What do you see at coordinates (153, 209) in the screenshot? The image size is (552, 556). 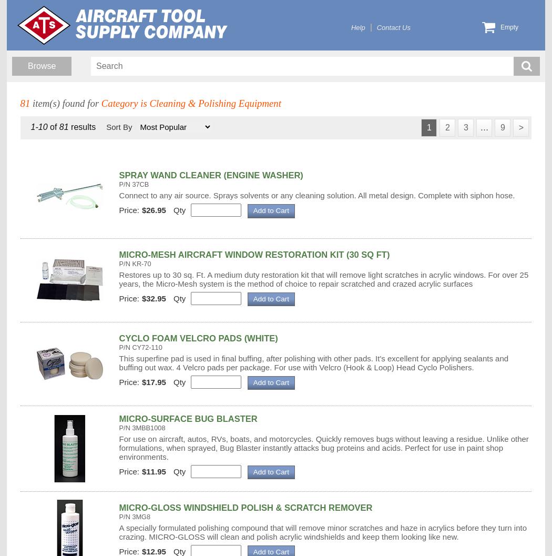 I see `'$26.95'` at bounding box center [153, 209].